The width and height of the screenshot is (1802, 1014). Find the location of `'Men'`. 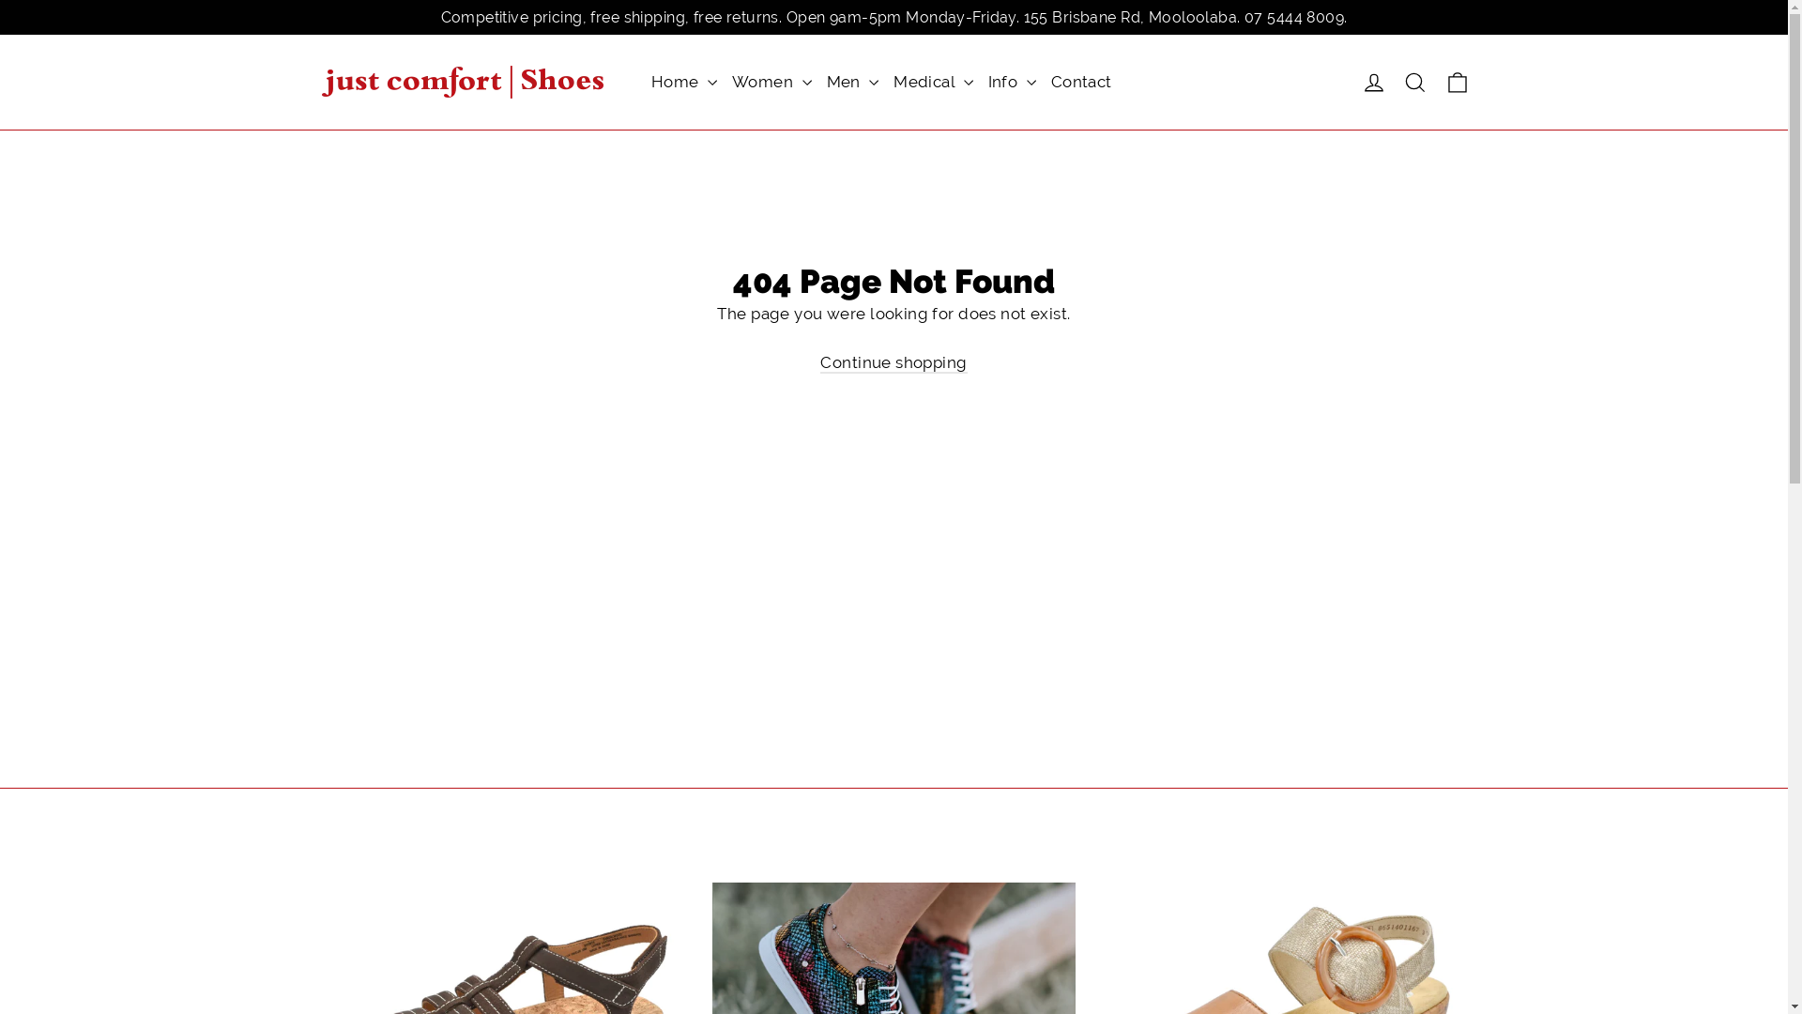

'Men' is located at coordinates (819, 81).